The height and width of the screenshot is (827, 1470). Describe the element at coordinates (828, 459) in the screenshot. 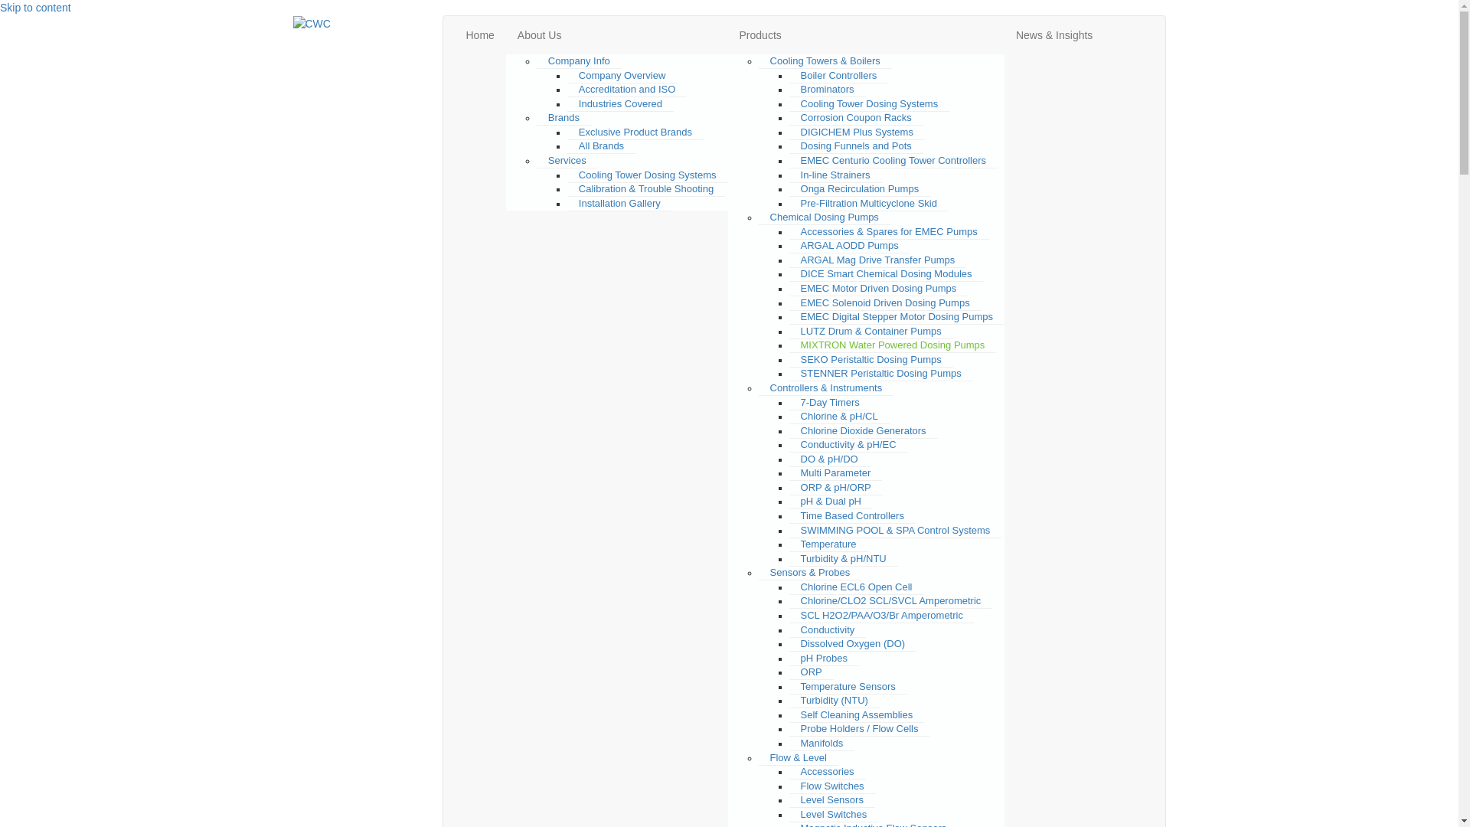

I see `'DO & pH/DO'` at that location.